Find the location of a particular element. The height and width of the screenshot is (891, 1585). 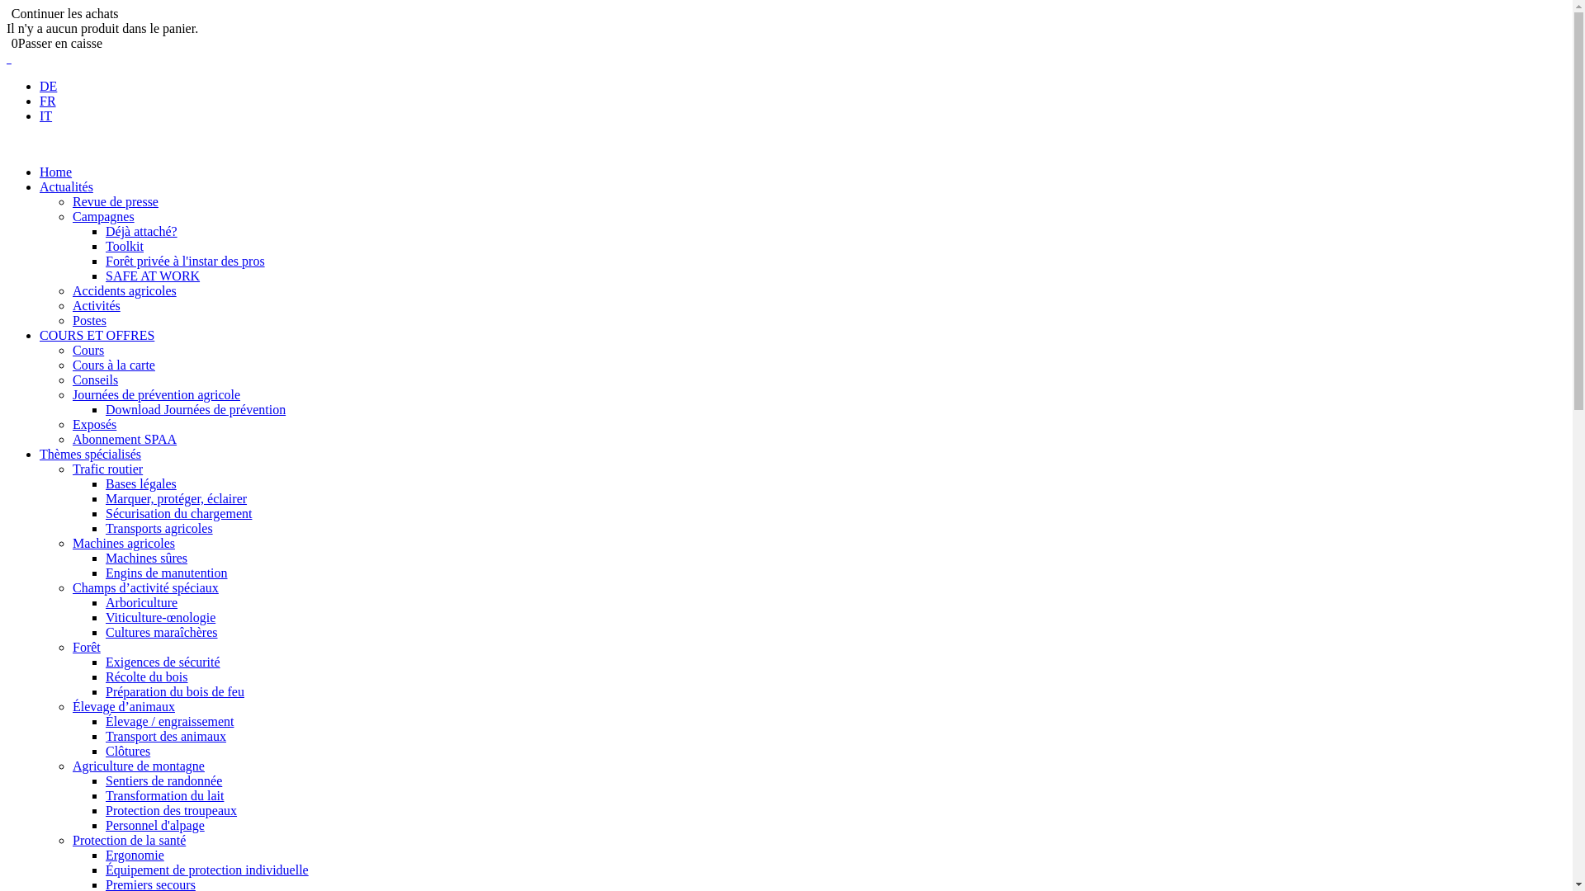

'Conseils' is located at coordinates (71, 379).